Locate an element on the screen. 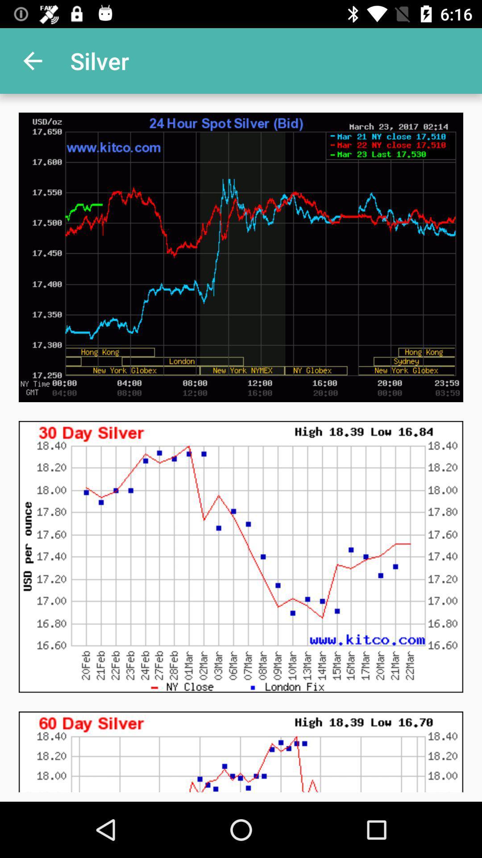 This screenshot has height=858, width=482. item to the left of silver icon is located at coordinates (32, 60).